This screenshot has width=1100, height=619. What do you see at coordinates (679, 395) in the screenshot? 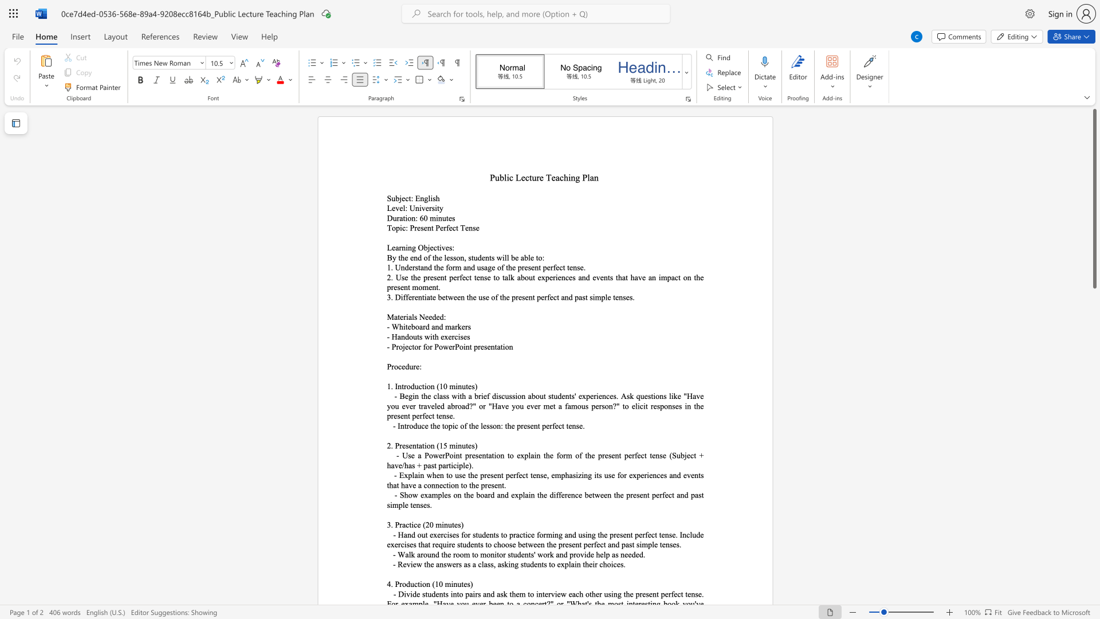
I see `the 10th character "e" in the text` at bounding box center [679, 395].